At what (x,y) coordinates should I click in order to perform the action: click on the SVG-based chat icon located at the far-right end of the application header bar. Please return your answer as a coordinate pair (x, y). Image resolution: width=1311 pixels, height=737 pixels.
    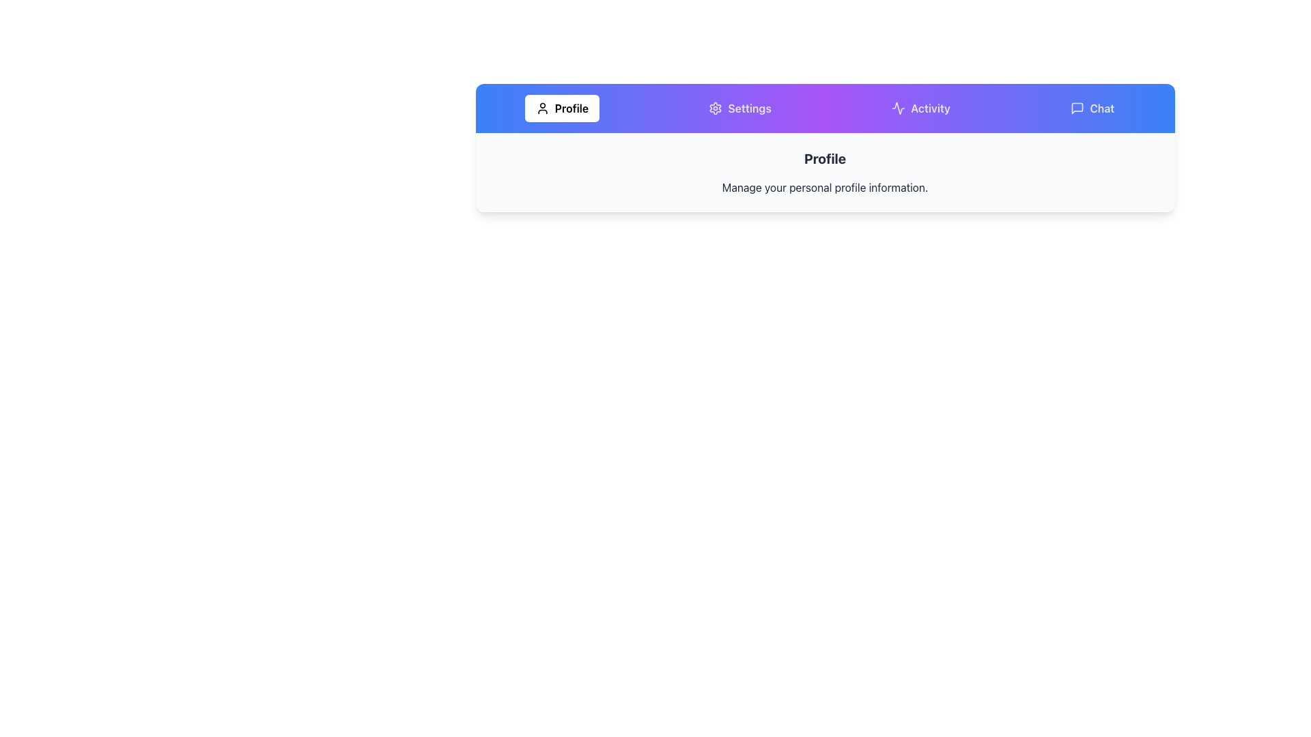
    Looking at the image, I should click on (1077, 107).